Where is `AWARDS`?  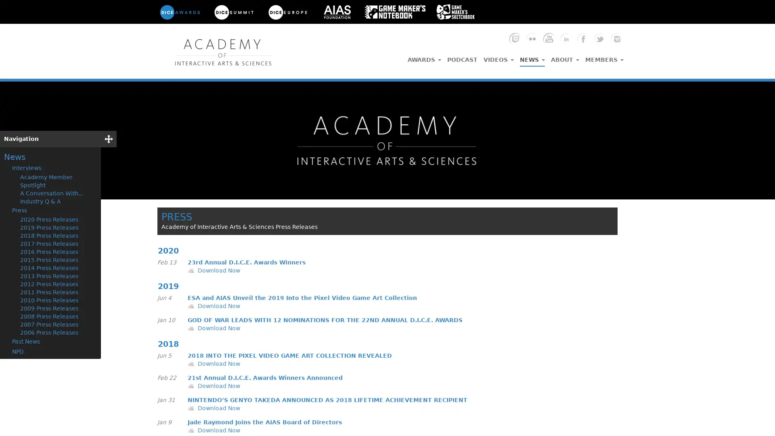
AWARDS is located at coordinates (424, 57).